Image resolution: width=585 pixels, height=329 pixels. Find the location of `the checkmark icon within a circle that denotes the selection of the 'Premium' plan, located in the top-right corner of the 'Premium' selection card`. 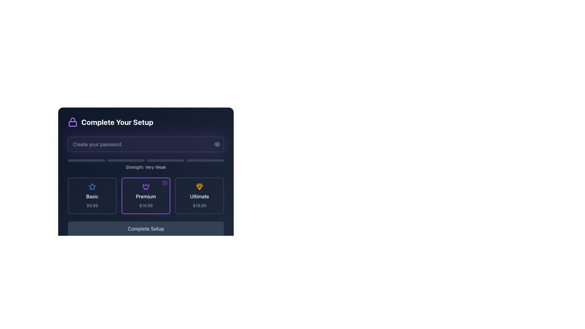

the checkmark icon within a circle that denotes the selection of the 'Premium' plan, located in the top-right corner of the 'Premium' selection card is located at coordinates (165, 183).